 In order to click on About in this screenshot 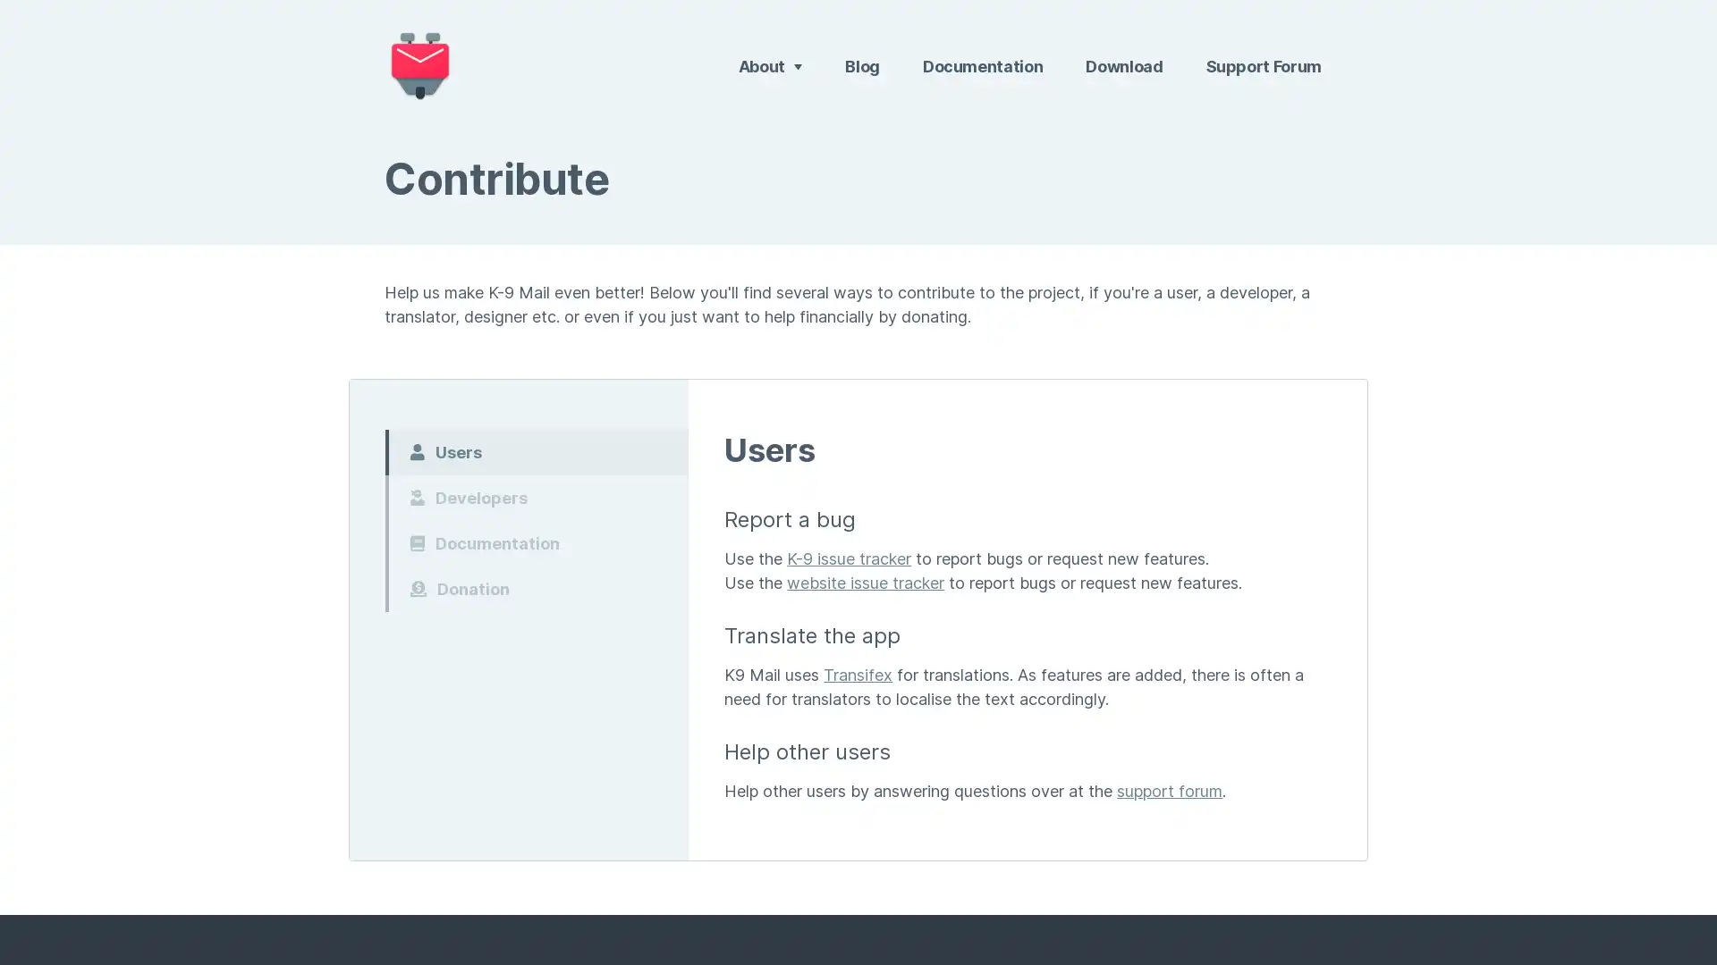, I will do `click(769, 64)`.